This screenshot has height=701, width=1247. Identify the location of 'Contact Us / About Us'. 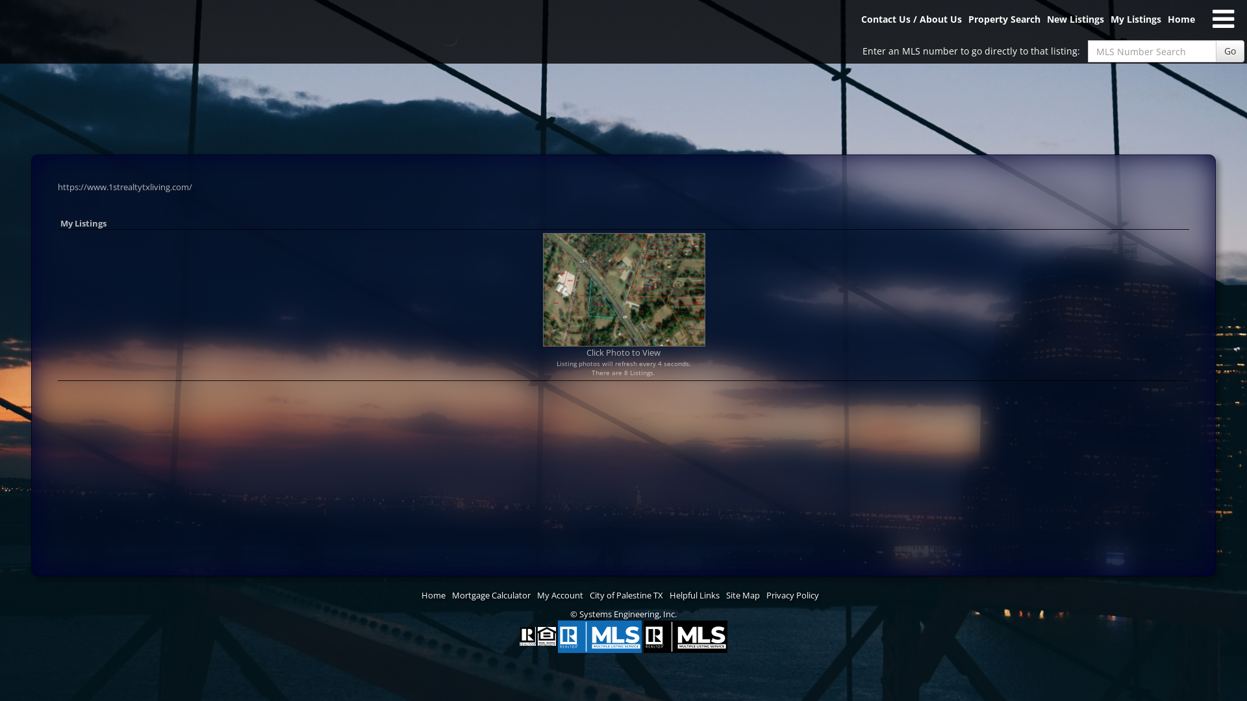
(911, 24).